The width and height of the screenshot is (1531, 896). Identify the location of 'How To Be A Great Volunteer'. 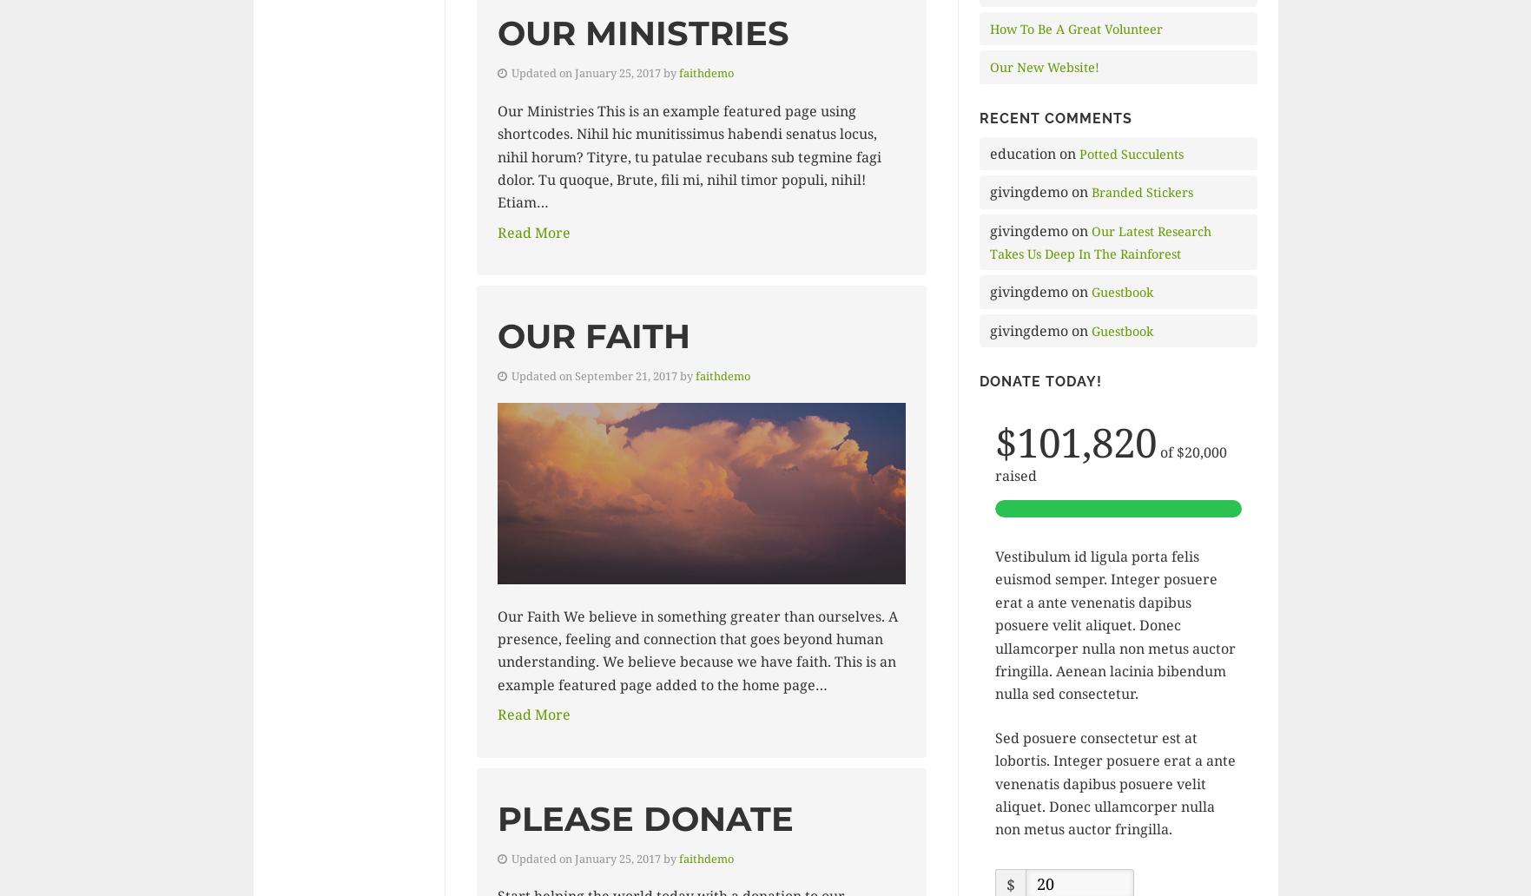
(1074, 28).